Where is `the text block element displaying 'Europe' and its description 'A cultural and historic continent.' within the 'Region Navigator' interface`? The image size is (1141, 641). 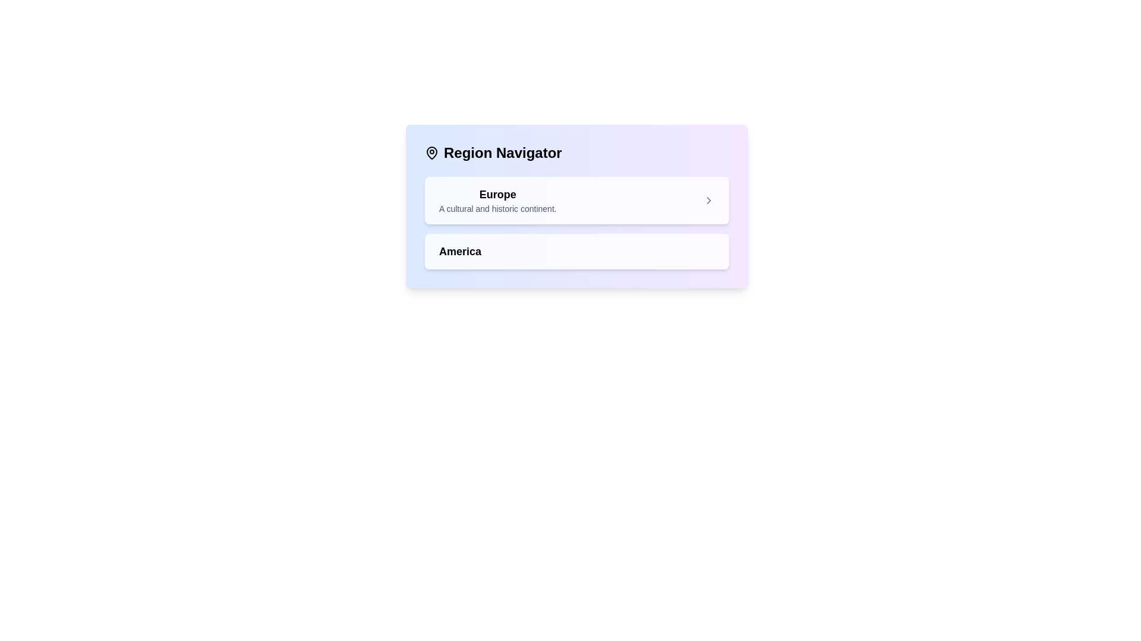 the text block element displaying 'Europe' and its description 'A cultural and historic continent.' within the 'Region Navigator' interface is located at coordinates (497, 200).